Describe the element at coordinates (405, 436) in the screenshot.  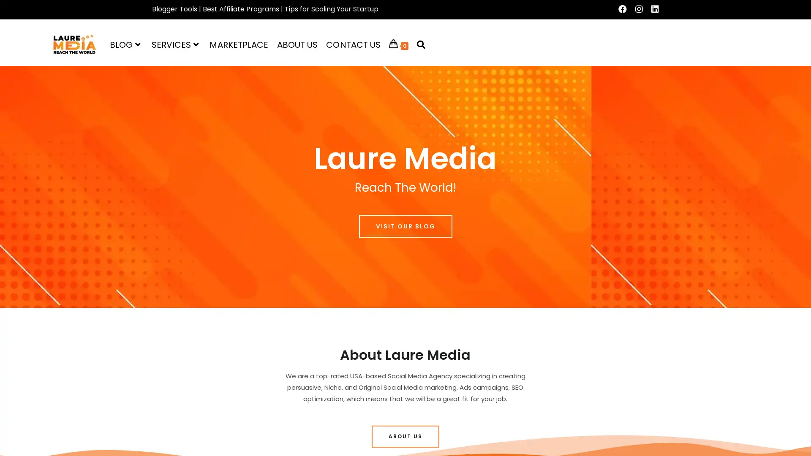
I see `ABOUT US` at that location.